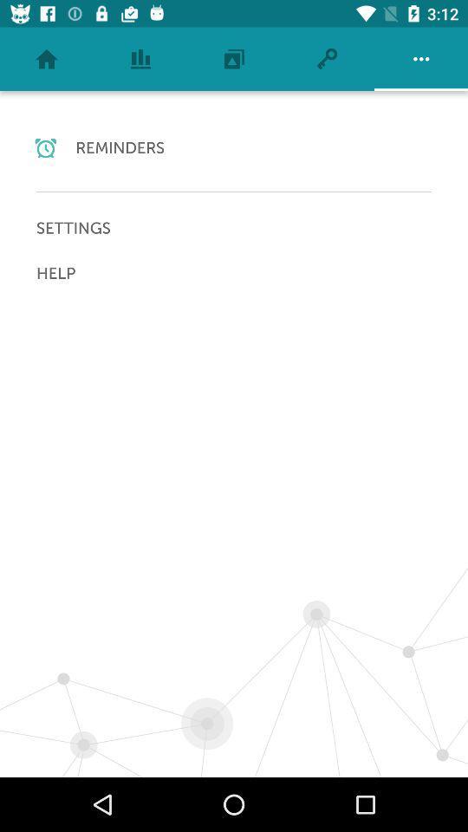 This screenshot has height=832, width=468. What do you see at coordinates (234, 273) in the screenshot?
I see `help item` at bounding box center [234, 273].